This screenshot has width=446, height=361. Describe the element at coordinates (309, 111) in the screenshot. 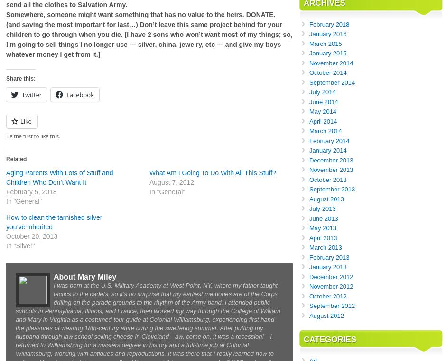

I see `'May 2014'` at that location.